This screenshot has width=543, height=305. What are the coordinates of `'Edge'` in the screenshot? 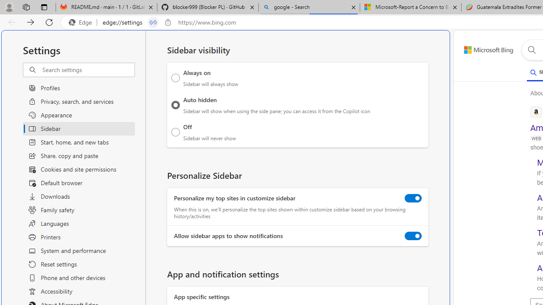 It's located at (82, 22).